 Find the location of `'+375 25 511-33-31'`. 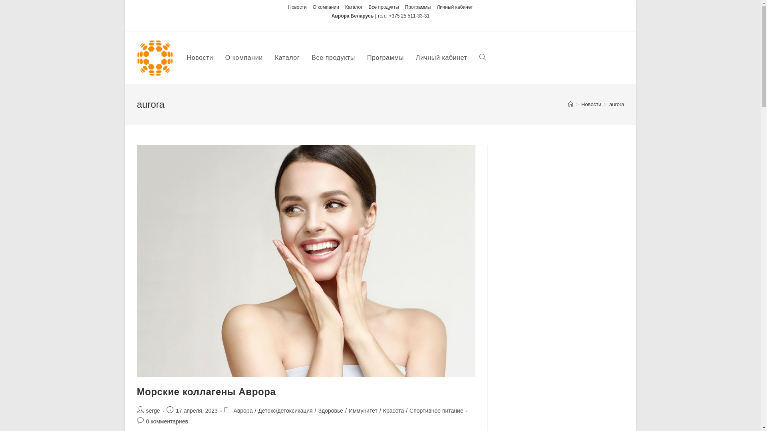

'+375 25 511-33-31' is located at coordinates (409, 16).